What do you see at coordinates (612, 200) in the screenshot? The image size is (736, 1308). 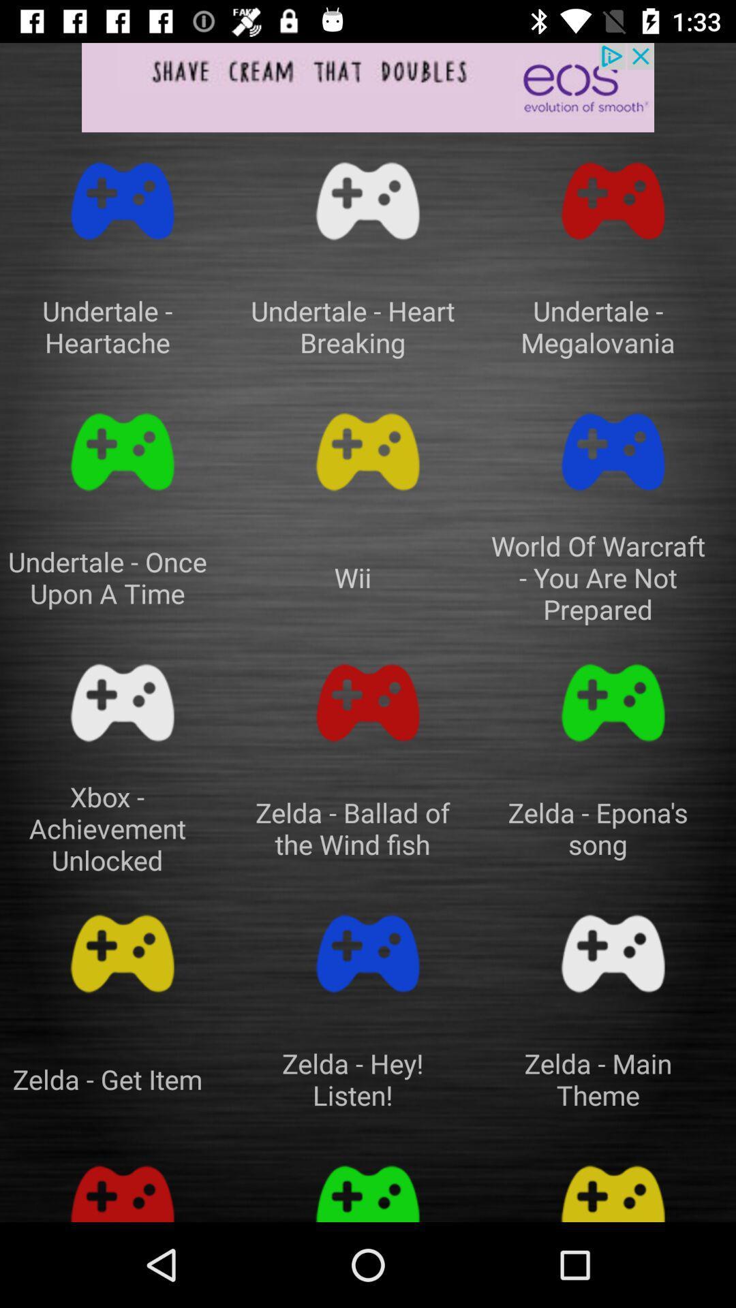 I see `open game` at bounding box center [612, 200].